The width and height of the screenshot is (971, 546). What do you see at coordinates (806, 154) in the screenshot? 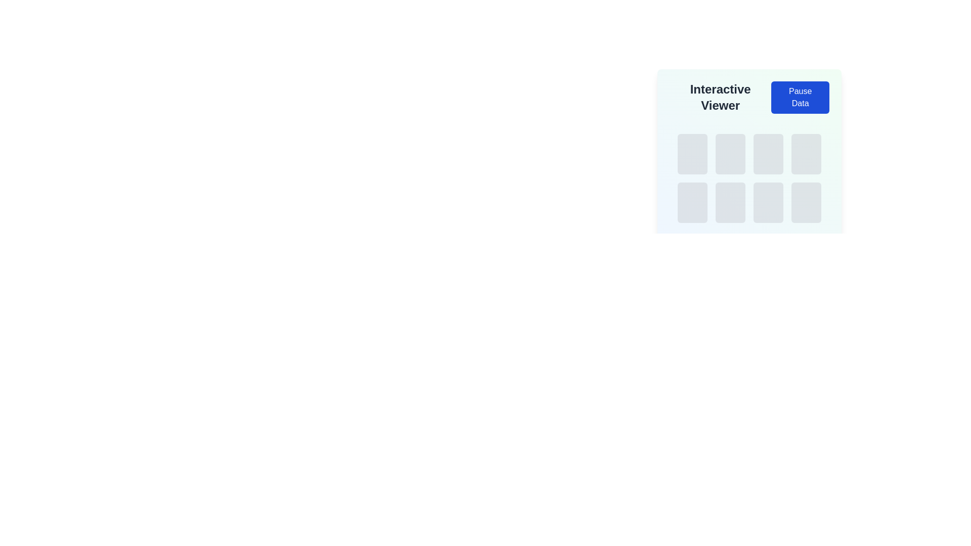
I see `the light gray rectangular Placeholder skeleton box with rounded corners located in the top right corner of the grid layout` at bounding box center [806, 154].